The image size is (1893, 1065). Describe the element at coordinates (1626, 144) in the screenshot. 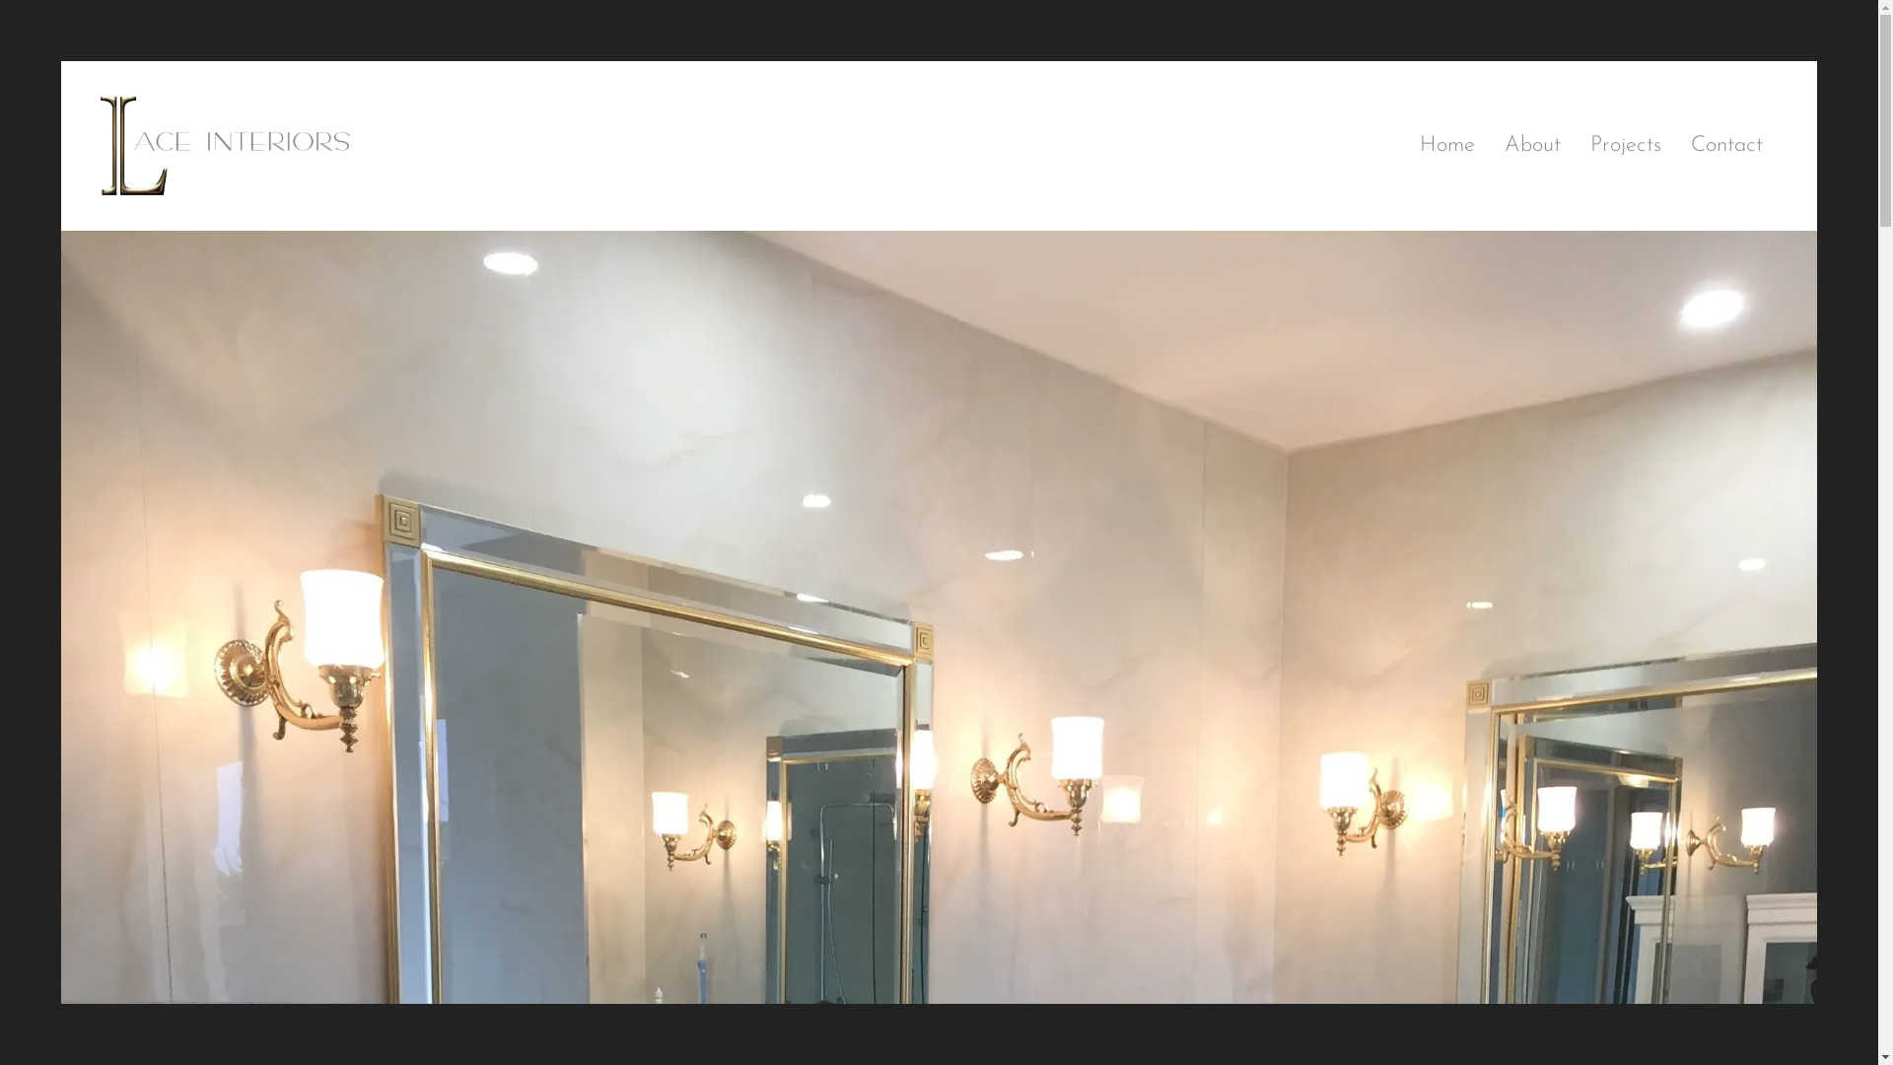

I see `'Projects'` at that location.